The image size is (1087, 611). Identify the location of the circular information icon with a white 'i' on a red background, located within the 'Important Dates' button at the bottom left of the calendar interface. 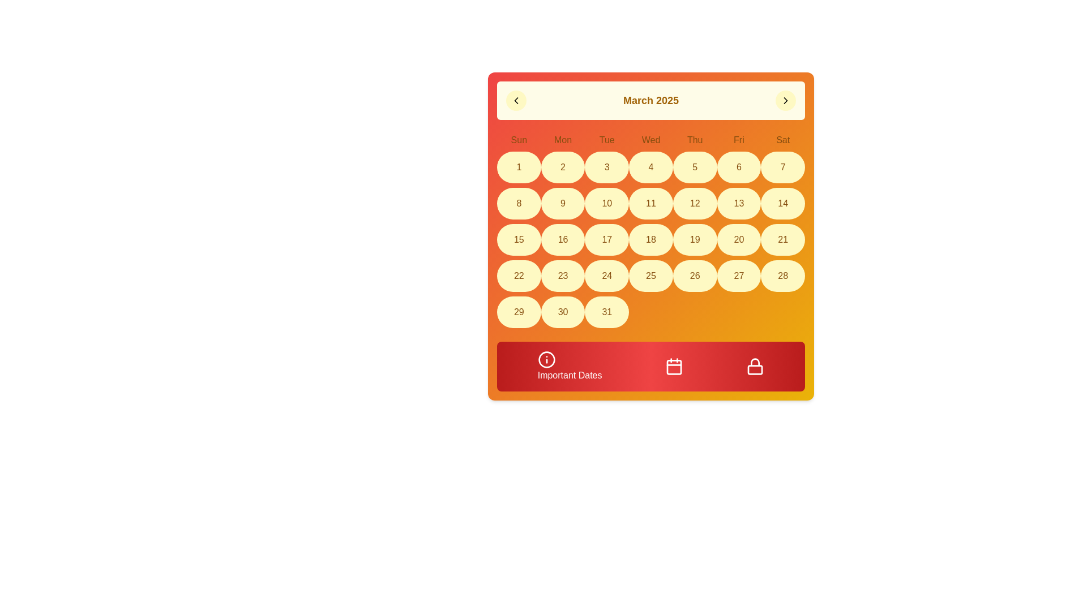
(546, 360).